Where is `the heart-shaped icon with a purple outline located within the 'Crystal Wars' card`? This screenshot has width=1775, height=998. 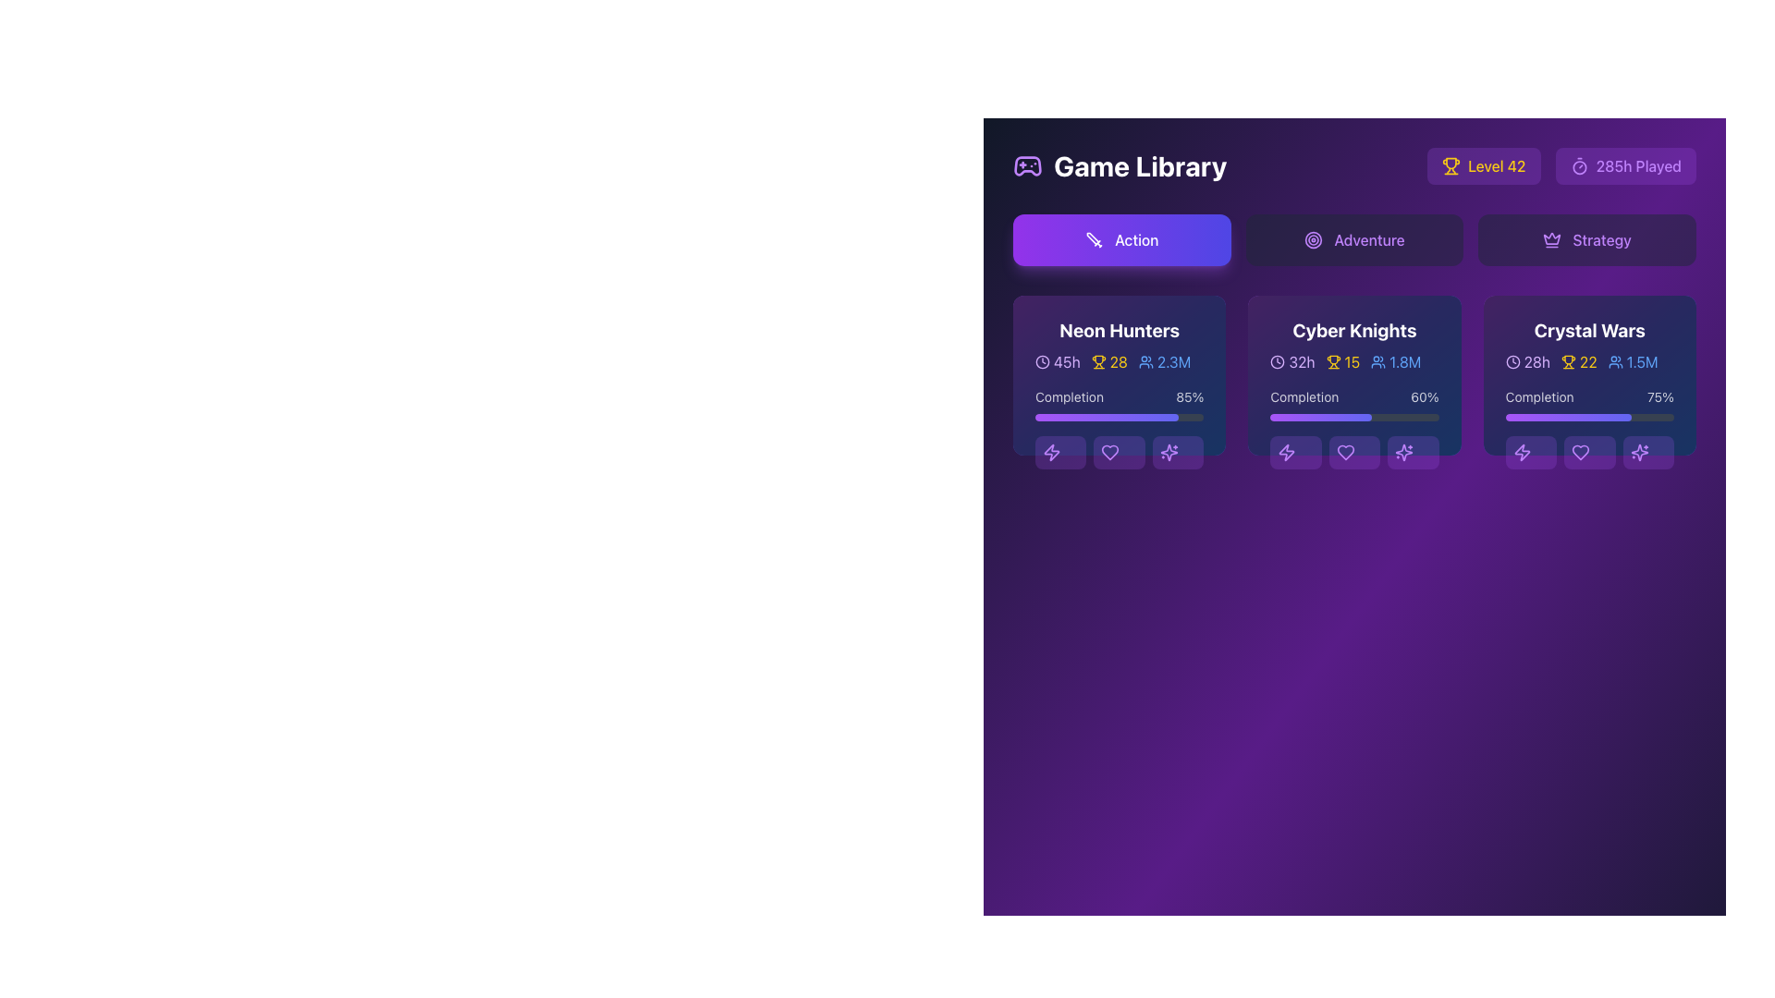
the heart-shaped icon with a purple outline located within the 'Crystal Wars' card is located at coordinates (1579, 452).